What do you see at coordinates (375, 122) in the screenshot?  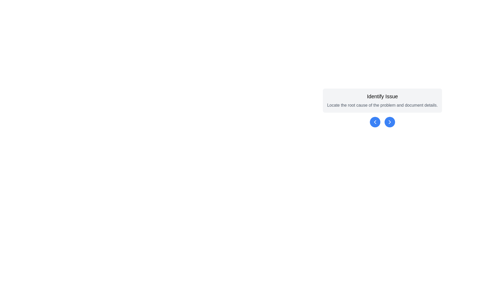 I see `the left-pointing chevron icon within the blue circular button located underneath the 'Identify Issue' text block` at bounding box center [375, 122].